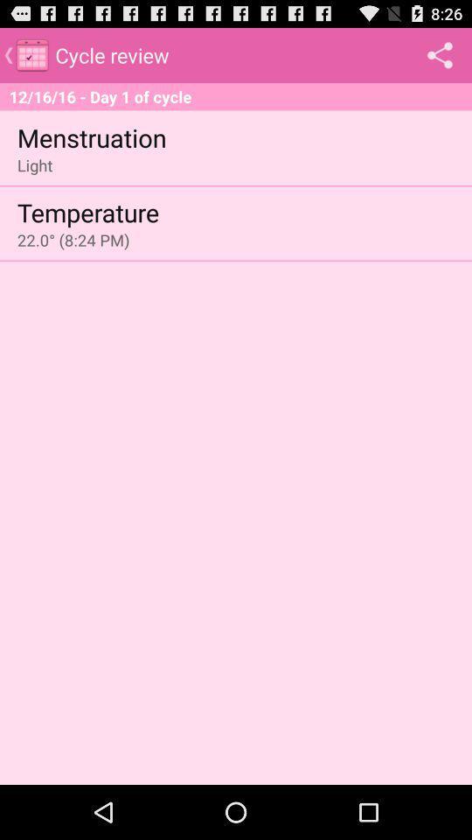 This screenshot has width=472, height=840. Describe the element at coordinates (35, 164) in the screenshot. I see `icon below menstruation app` at that location.